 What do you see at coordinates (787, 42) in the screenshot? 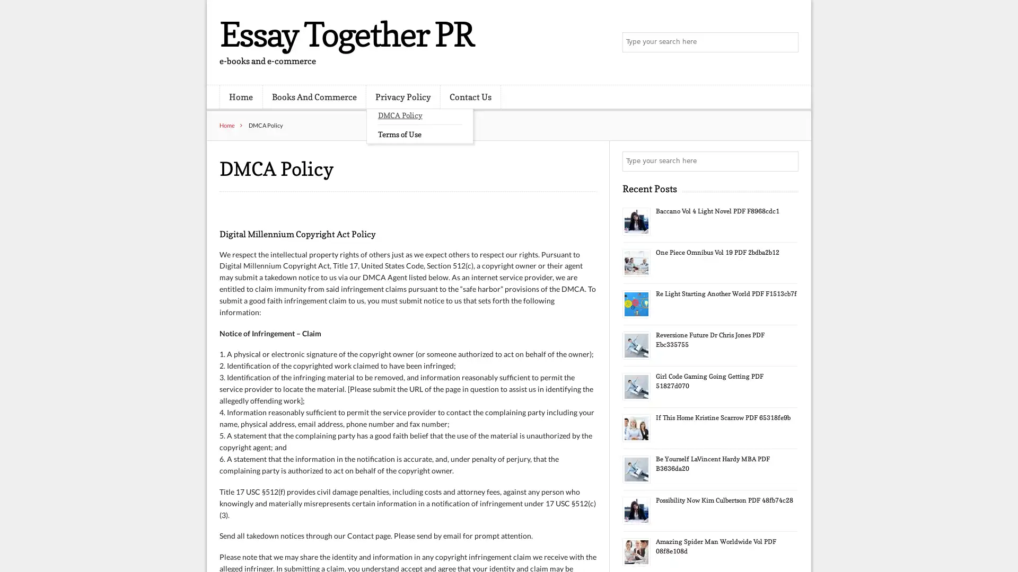
I see `Search` at bounding box center [787, 42].